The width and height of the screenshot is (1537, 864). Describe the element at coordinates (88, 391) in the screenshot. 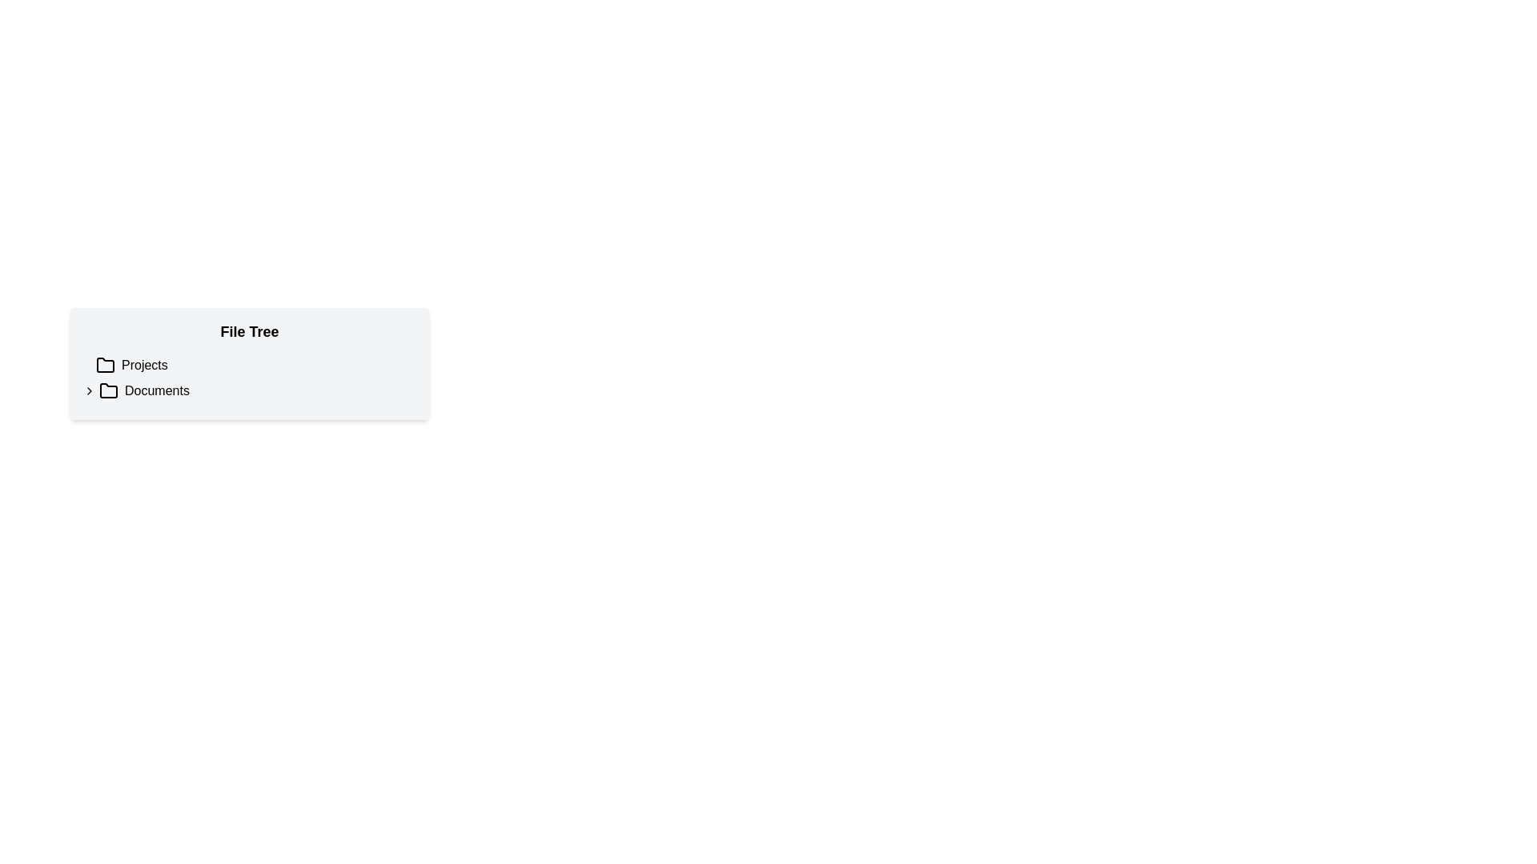

I see `the right-facing chevron toggle icon for the 'Documents' folder` at that location.